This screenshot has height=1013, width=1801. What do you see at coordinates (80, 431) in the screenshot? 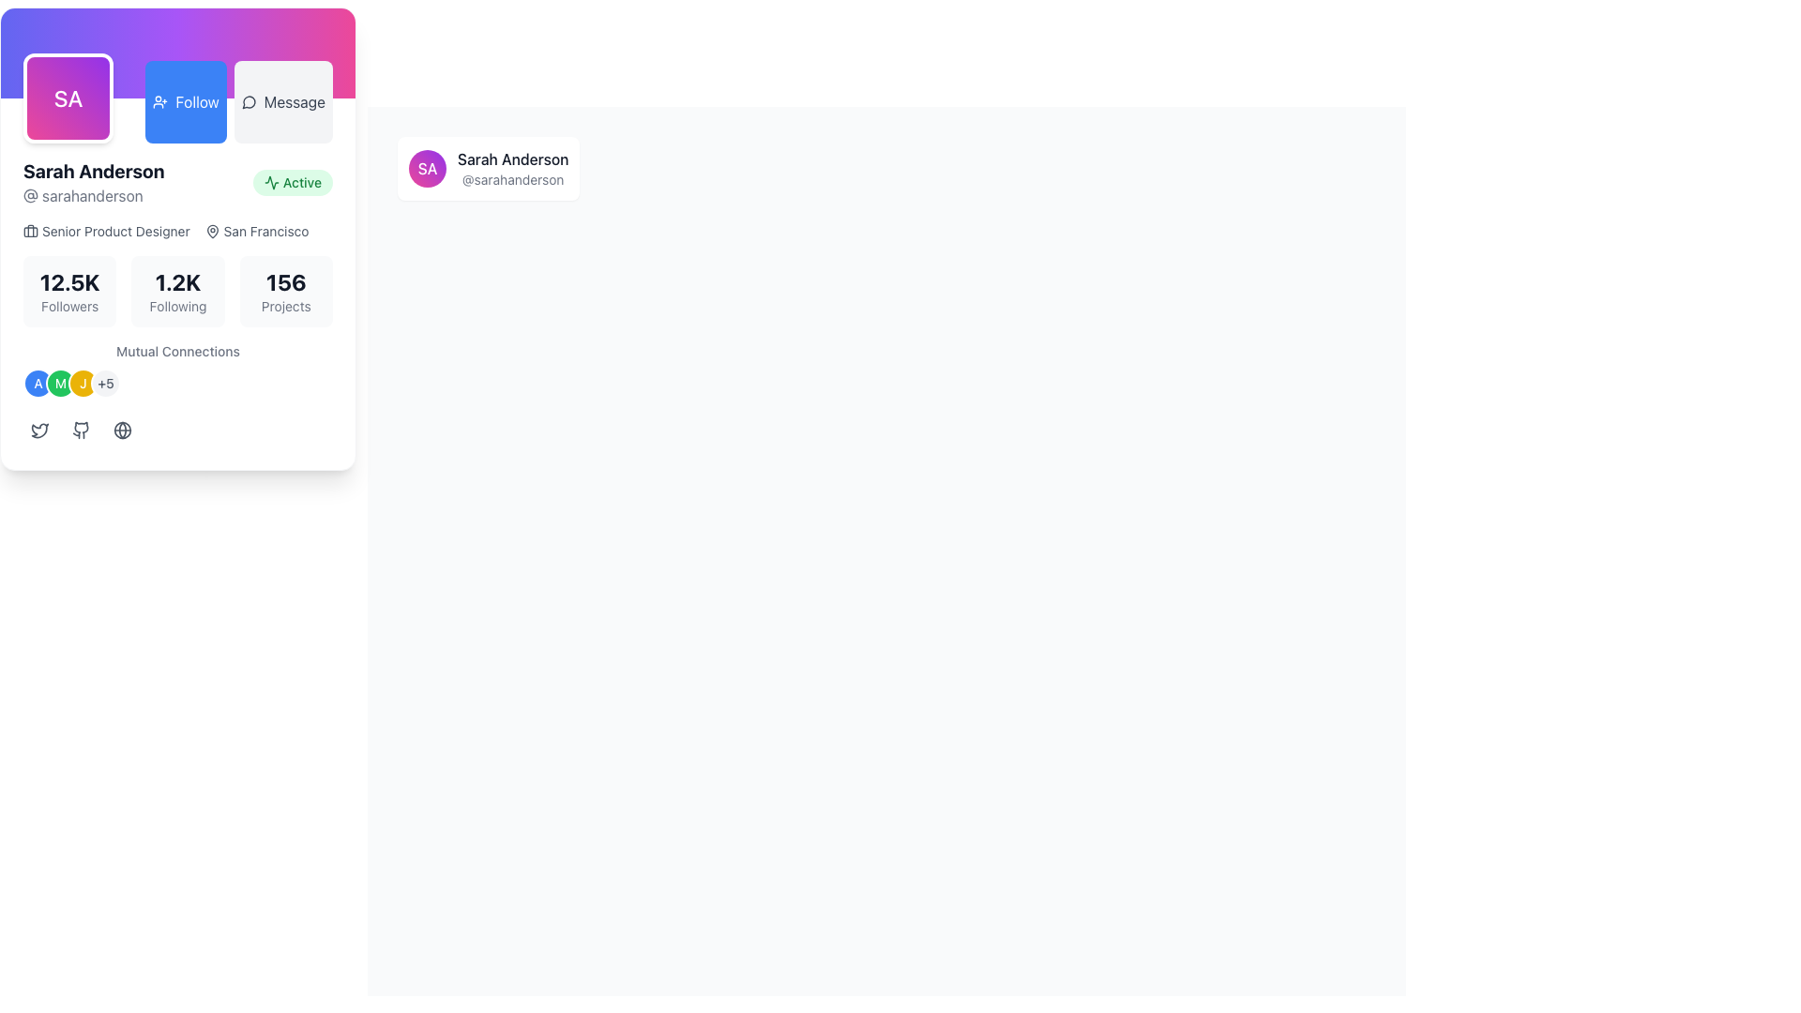
I see `the GitHub icon button, which is the second icon in the horizontal group below the 'Mutual Connections' section` at bounding box center [80, 431].